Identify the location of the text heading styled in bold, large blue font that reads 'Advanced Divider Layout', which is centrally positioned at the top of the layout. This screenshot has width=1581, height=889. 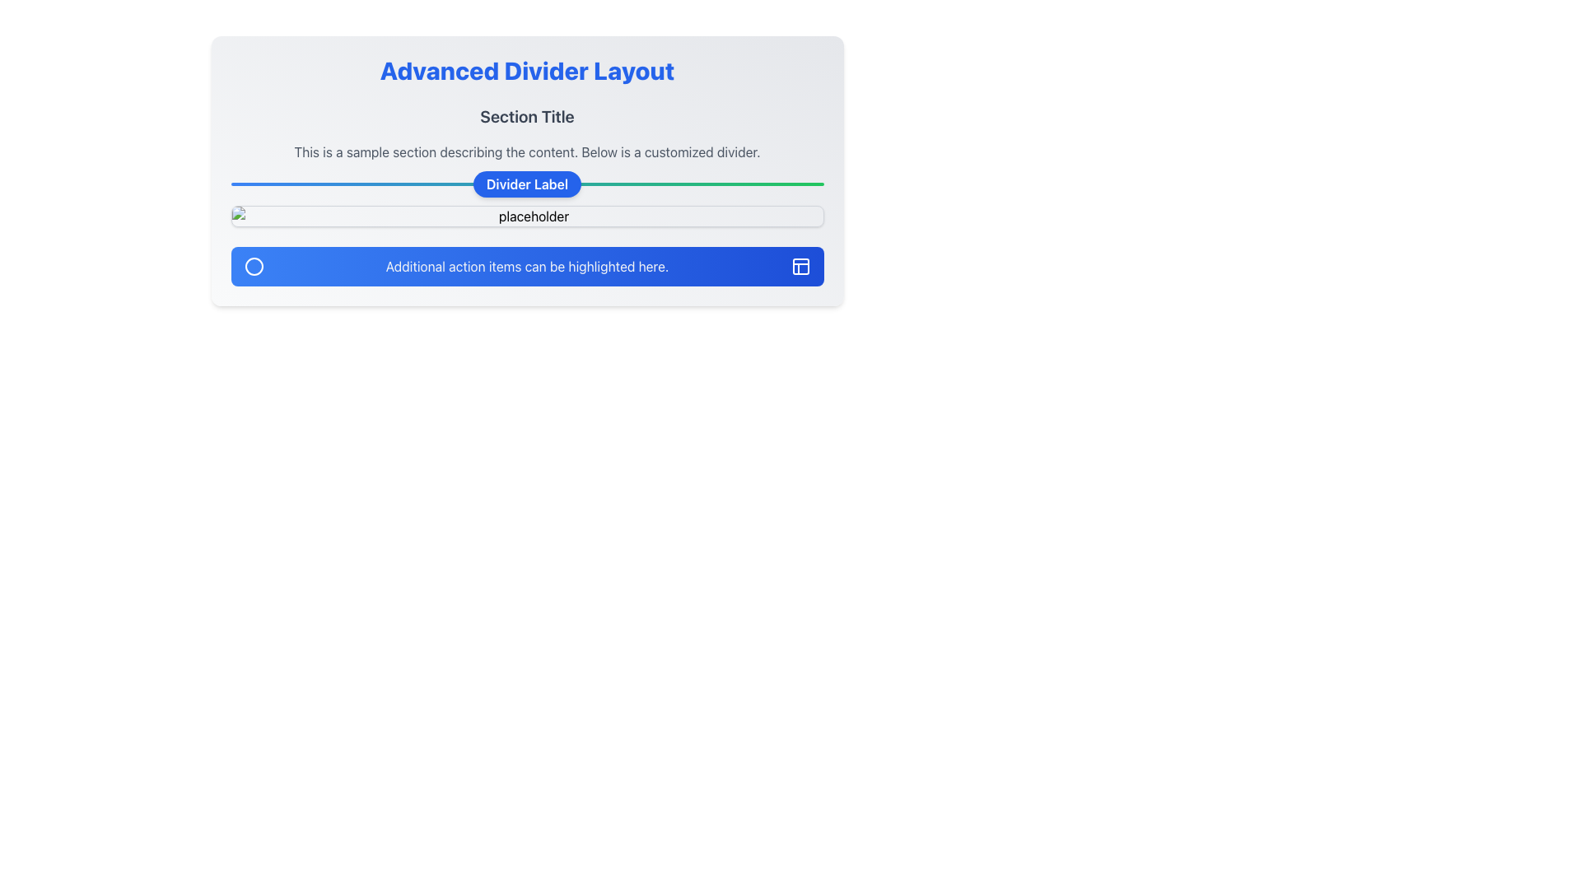
(527, 69).